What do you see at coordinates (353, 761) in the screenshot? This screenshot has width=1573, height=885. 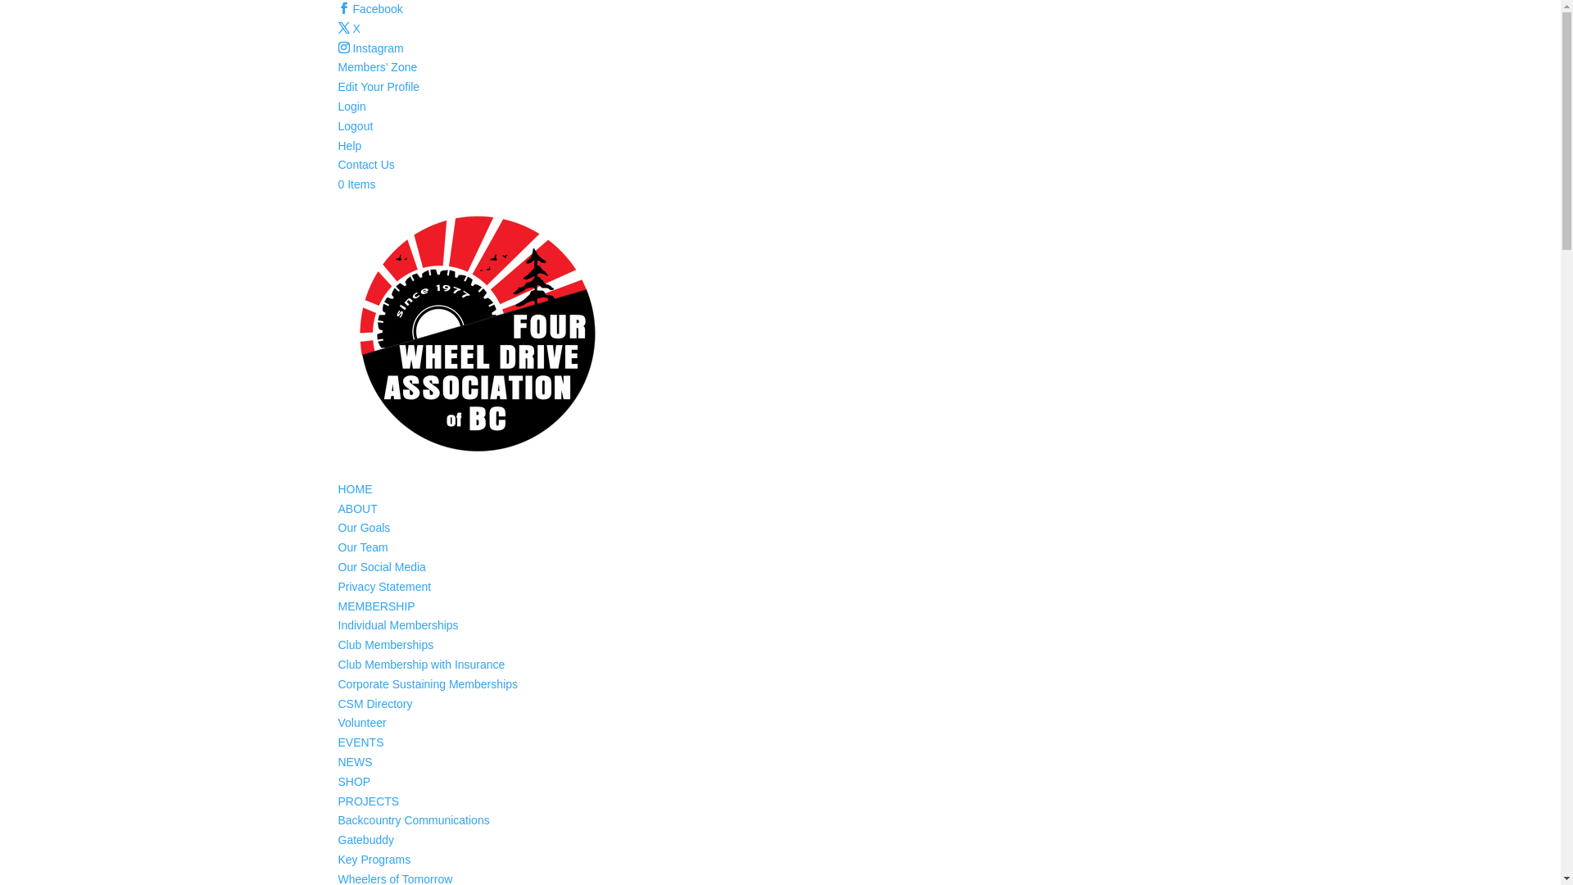 I see `'NEWS'` at bounding box center [353, 761].